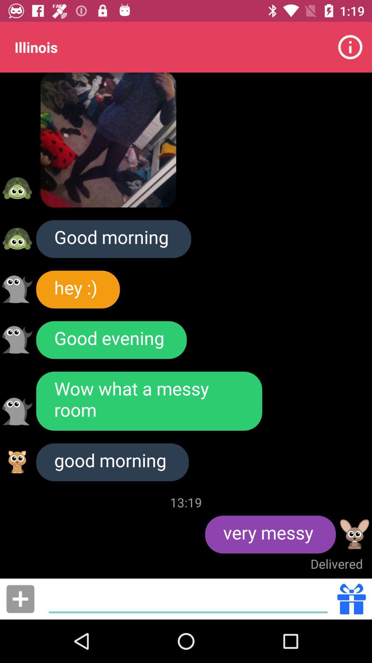 This screenshot has width=372, height=663. Describe the element at coordinates (186, 502) in the screenshot. I see `13:19 item` at that location.